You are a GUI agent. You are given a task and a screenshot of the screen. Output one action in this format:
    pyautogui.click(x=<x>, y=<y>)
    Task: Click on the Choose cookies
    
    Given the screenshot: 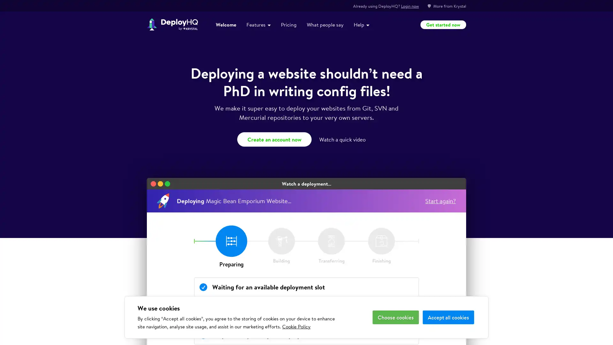 What is the action you would take?
    pyautogui.click(x=395, y=317)
    